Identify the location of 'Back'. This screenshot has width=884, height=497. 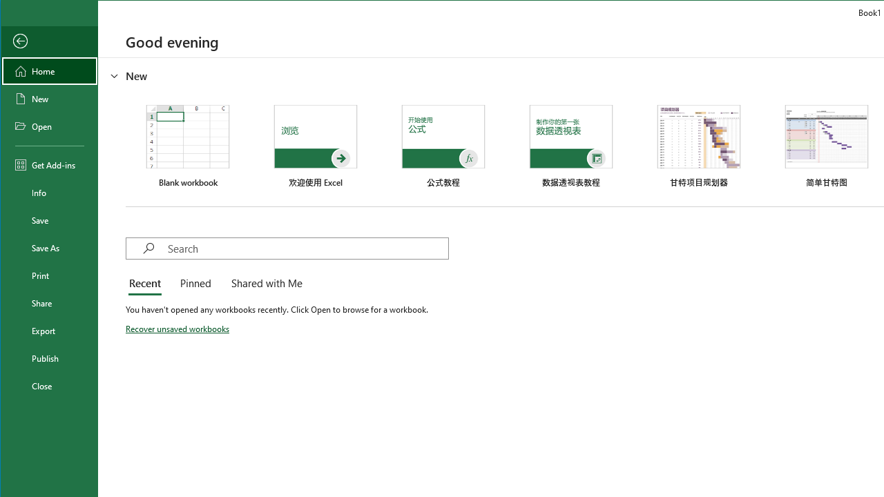
(50, 41).